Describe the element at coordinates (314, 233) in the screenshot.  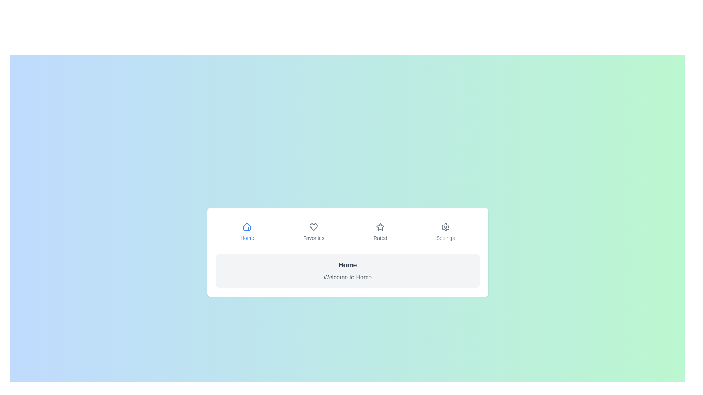
I see `the tab labeled Favorites` at that location.